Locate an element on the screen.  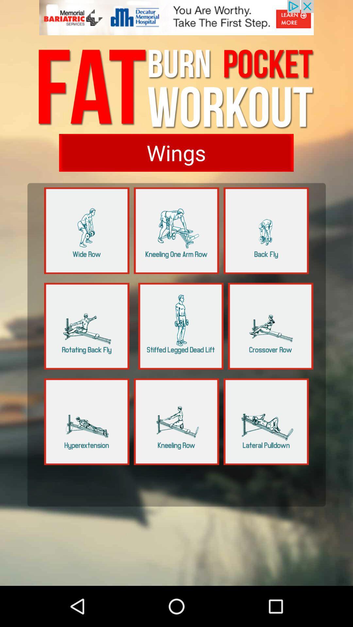
click kneeling row is located at coordinates (176, 422).